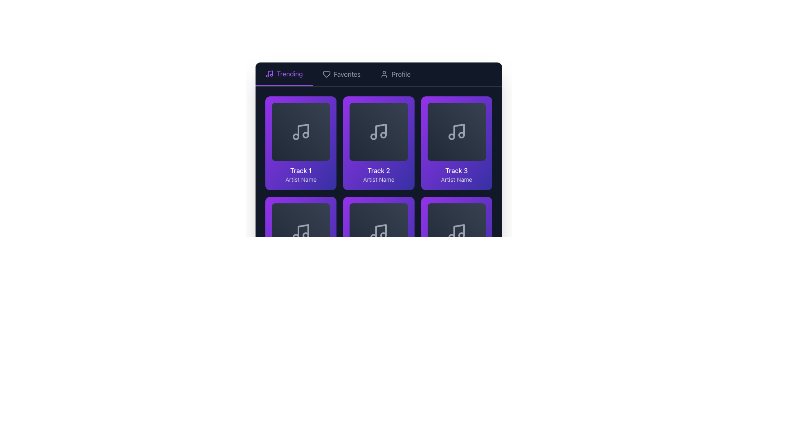 Image resolution: width=785 pixels, height=441 pixels. I want to click on text label identifying the title of the music track, which is located in the first grid card of the UI grid layout, positioned below an icon and above the text 'Artist Name', so click(301, 170).